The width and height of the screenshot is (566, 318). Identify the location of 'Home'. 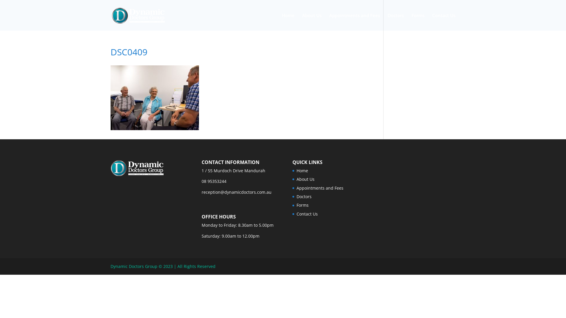
(288, 21).